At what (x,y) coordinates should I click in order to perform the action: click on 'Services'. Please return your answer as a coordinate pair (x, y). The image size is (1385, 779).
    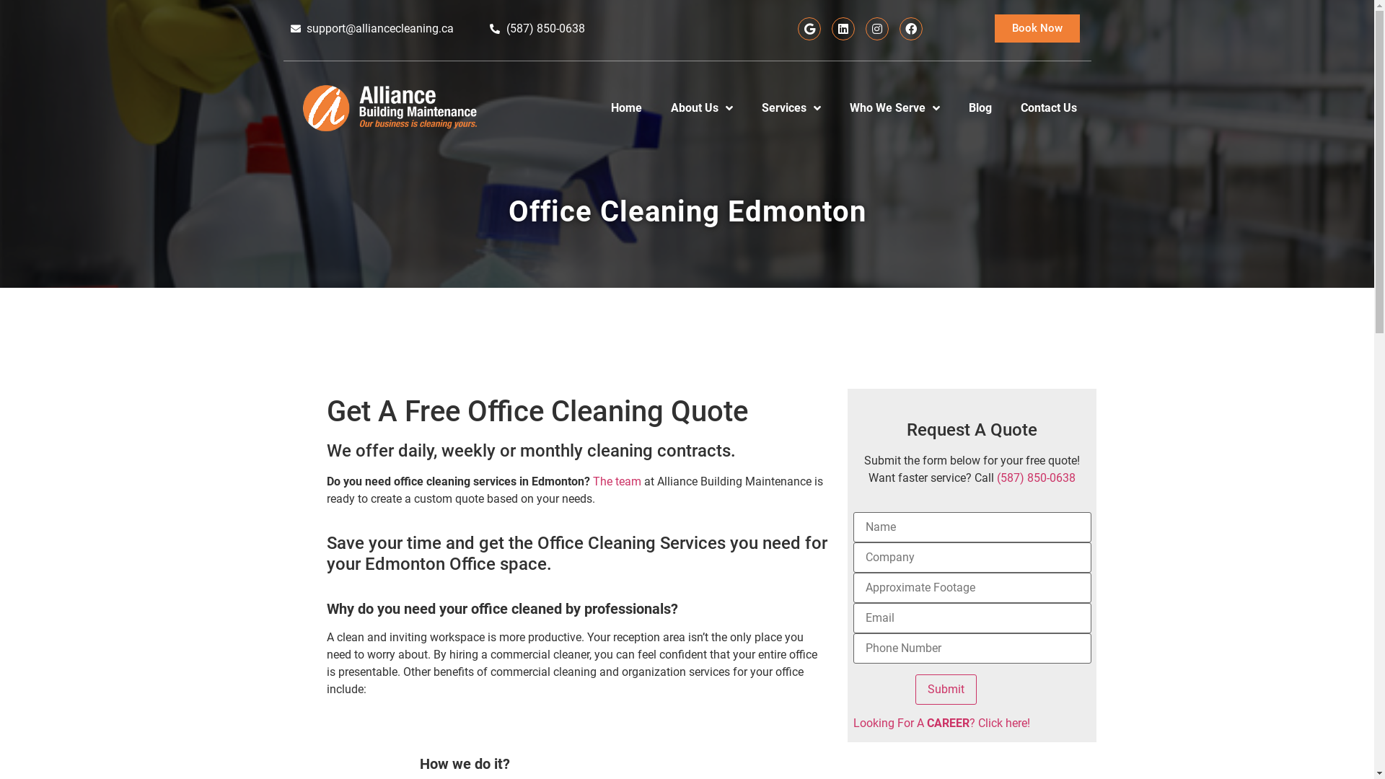
    Looking at the image, I should click on (791, 107).